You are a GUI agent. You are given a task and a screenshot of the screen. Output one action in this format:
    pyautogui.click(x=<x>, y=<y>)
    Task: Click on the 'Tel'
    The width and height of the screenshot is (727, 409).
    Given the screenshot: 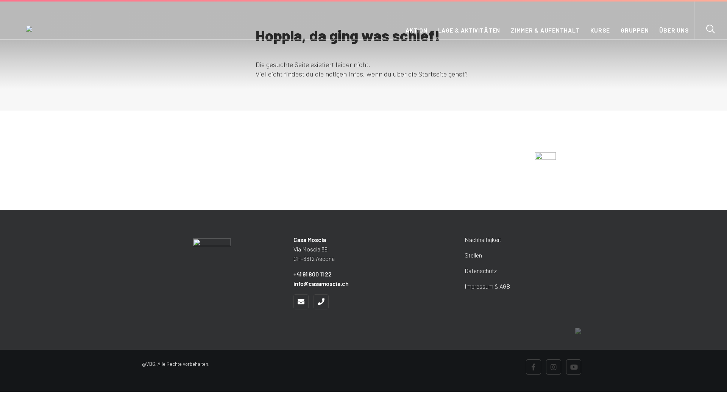 What is the action you would take?
    pyautogui.click(x=321, y=301)
    